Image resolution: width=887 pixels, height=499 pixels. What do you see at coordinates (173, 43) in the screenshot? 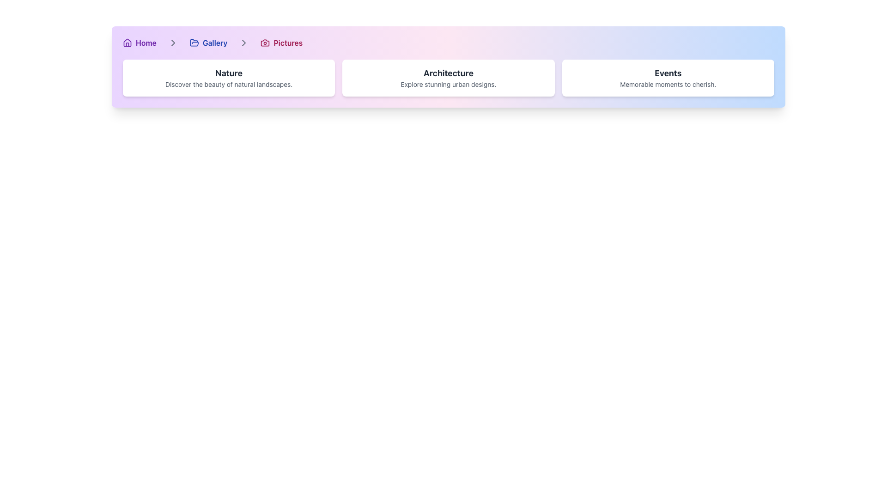
I see `the chevron icon used for hierarchical navigation in the breadcrumb navigation bar, which is located between the 'Home' label and the 'Gallery' label` at bounding box center [173, 43].